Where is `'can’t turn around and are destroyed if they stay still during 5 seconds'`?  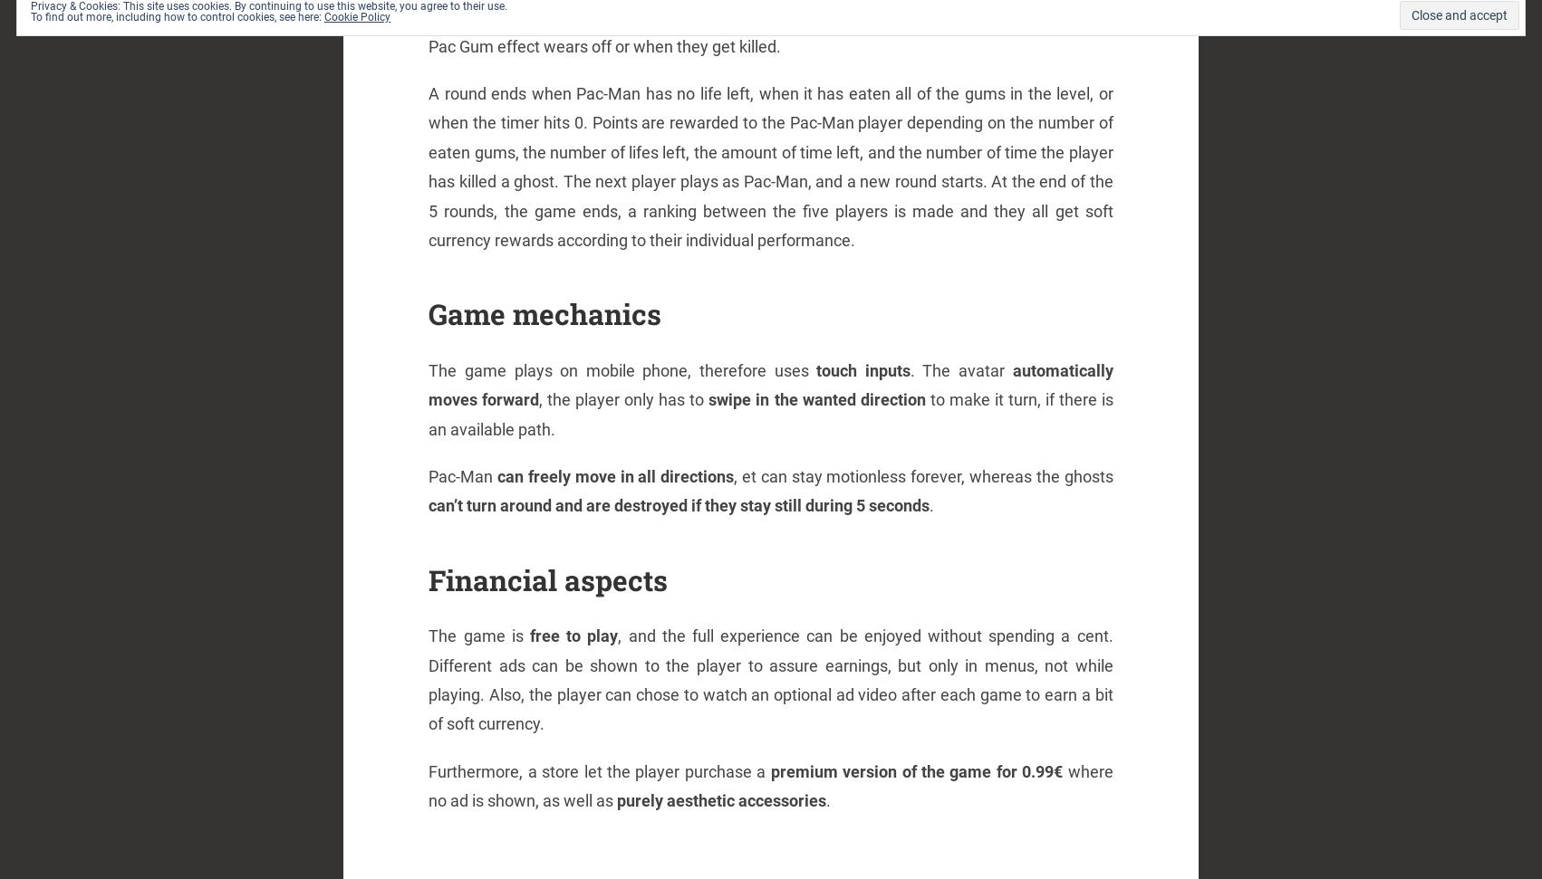
'can’t turn around and are destroyed if they stay still during 5 seconds' is located at coordinates (678, 505).